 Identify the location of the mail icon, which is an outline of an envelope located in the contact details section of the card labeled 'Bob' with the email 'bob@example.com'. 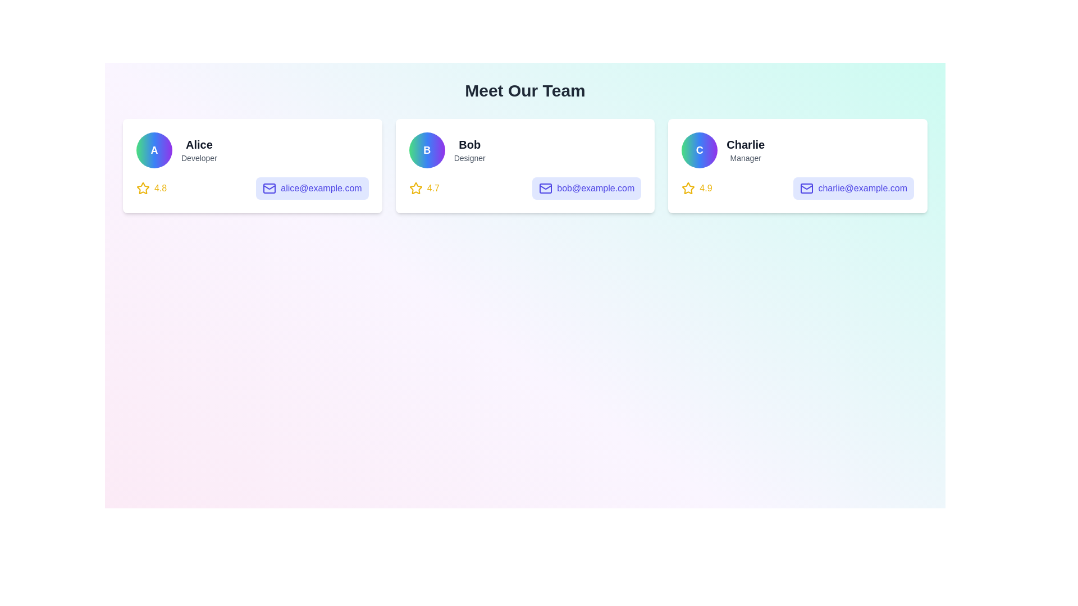
(546, 187).